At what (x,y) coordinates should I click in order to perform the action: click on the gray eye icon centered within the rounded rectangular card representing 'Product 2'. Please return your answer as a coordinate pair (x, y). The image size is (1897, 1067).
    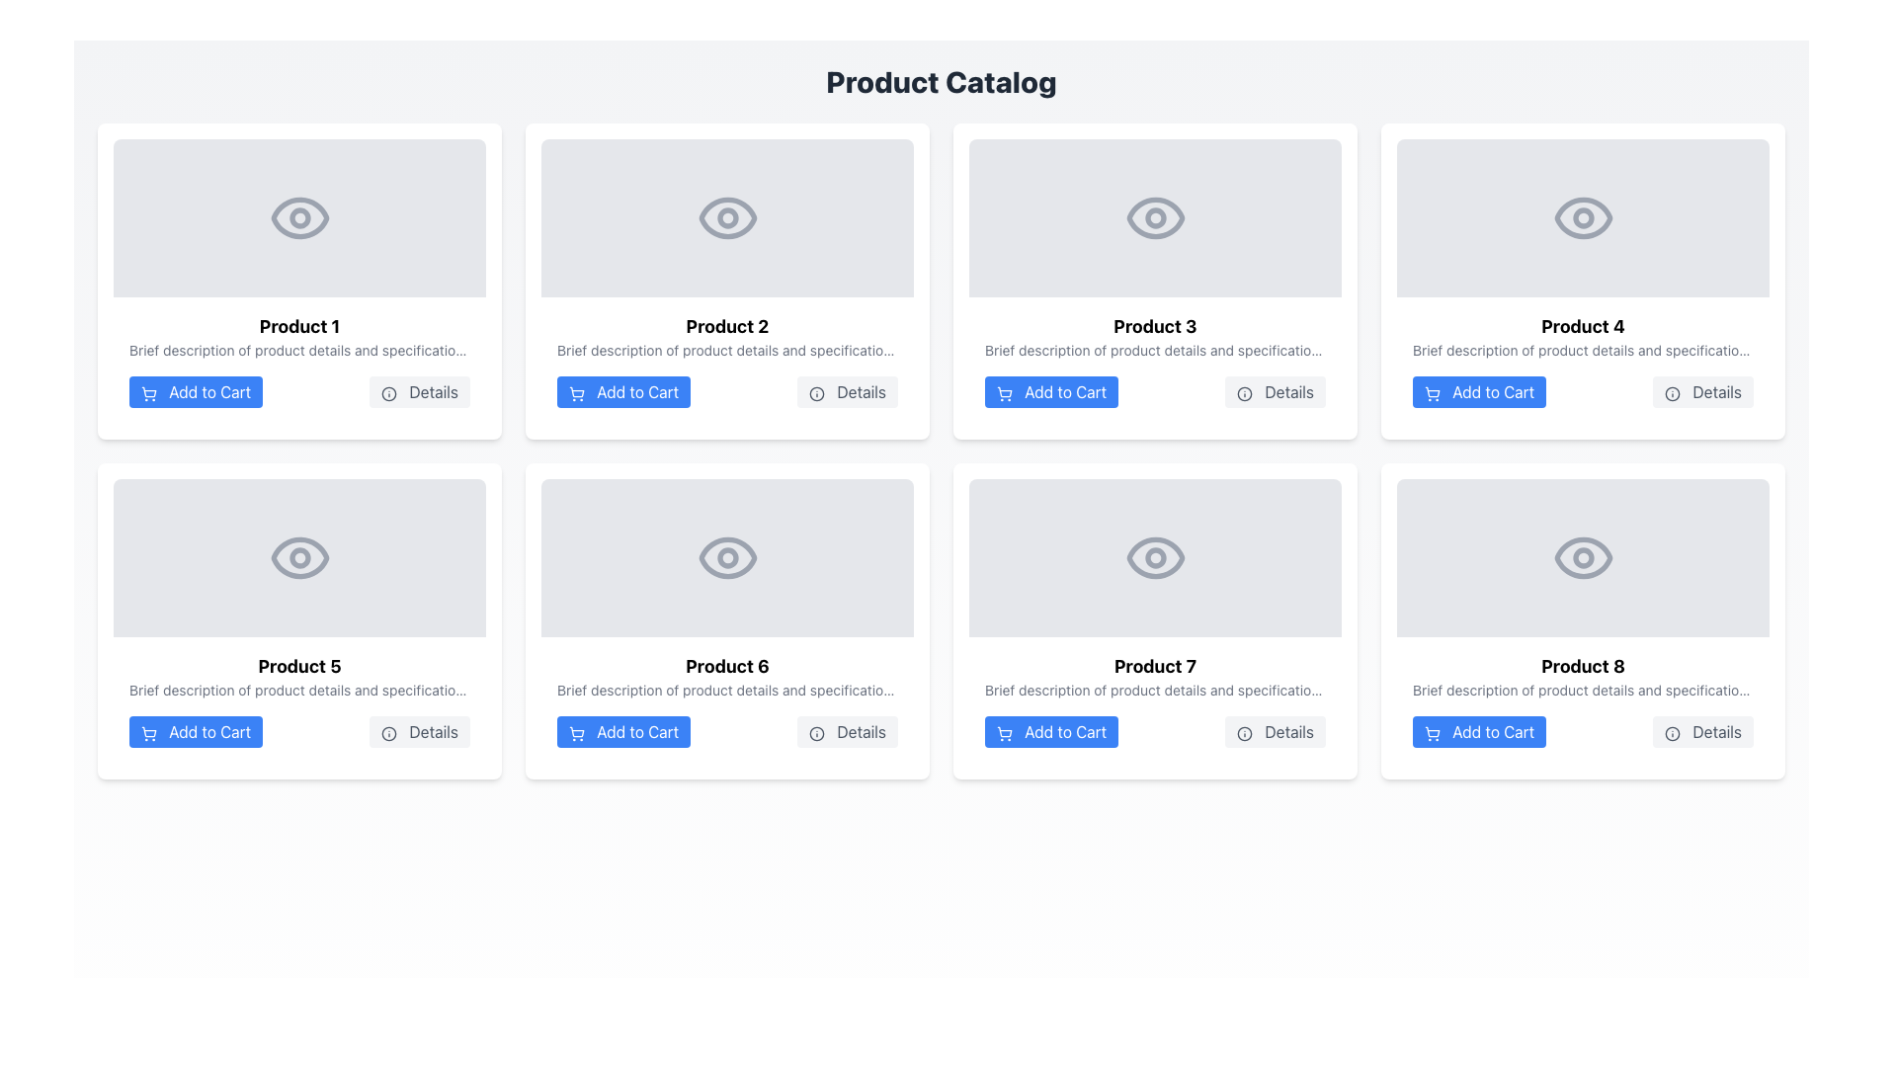
    Looking at the image, I should click on (726, 217).